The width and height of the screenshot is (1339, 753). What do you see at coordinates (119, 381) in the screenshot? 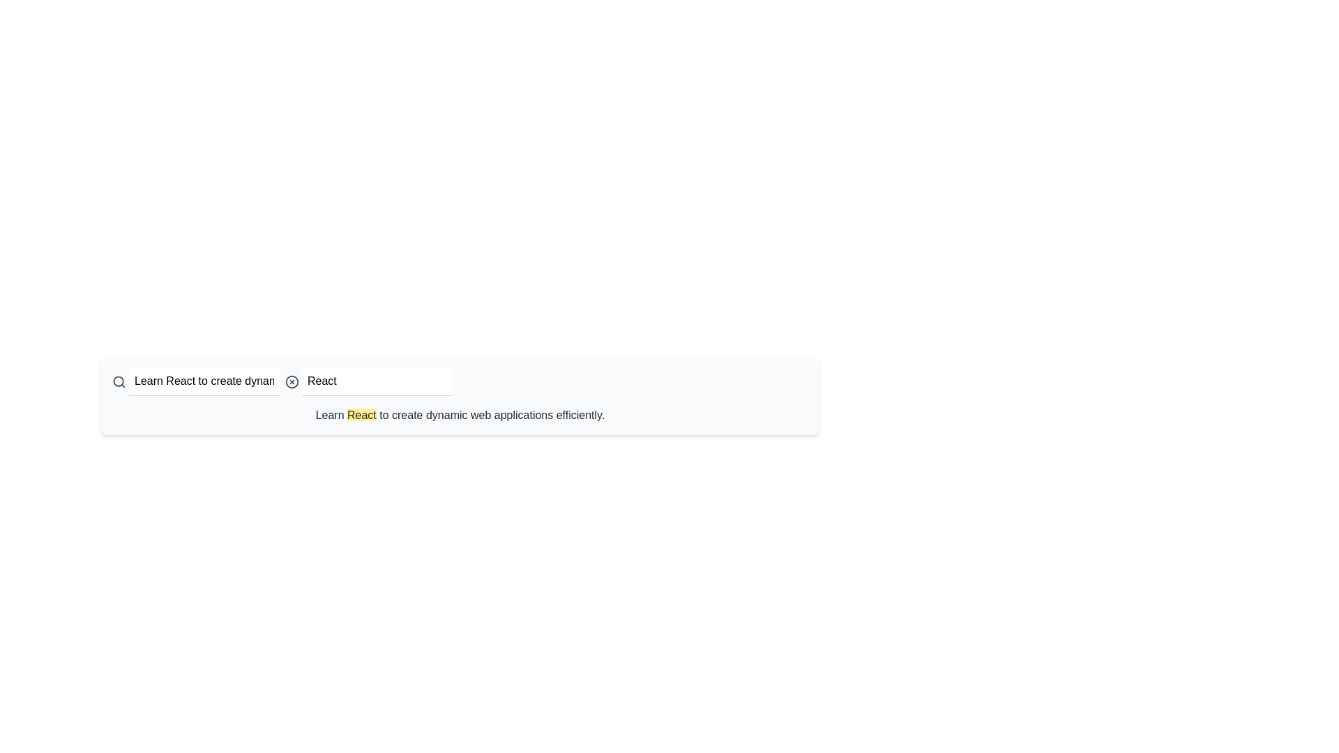
I see `the search icon located to the left of the text input field` at bounding box center [119, 381].